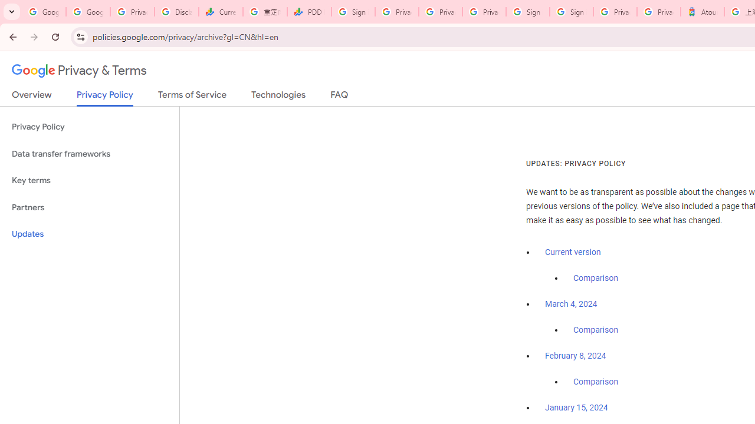 This screenshot has width=755, height=424. Describe the element at coordinates (576, 356) in the screenshot. I see `'February 8, 2024'` at that location.